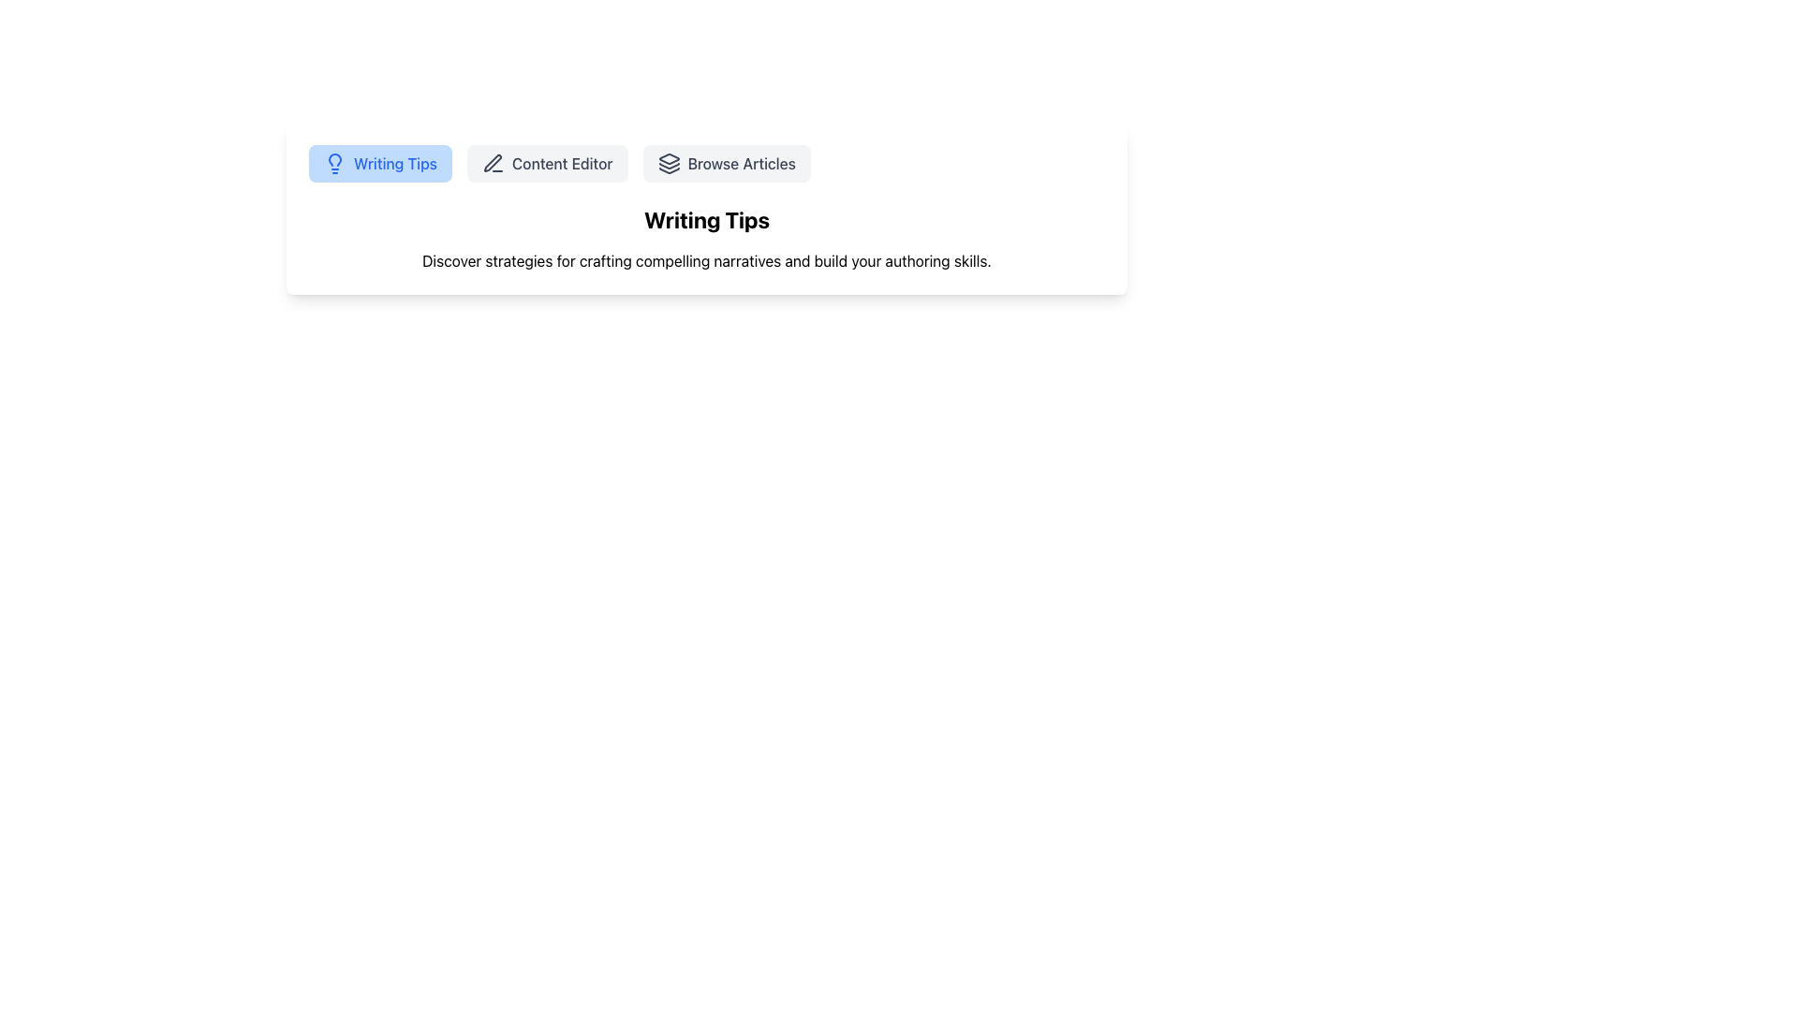  Describe the element at coordinates (669, 162) in the screenshot. I see `the icon resembling stacked layers located to the left of the 'Browse Articles' text within the 'Browse Articles' button, which is the third button in a horizontal sequence at the top of the interface` at that location.